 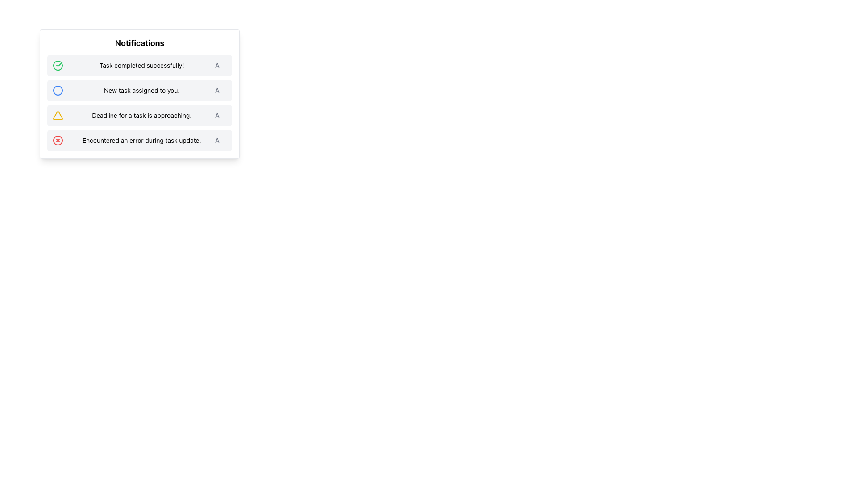 What do you see at coordinates (59, 63) in the screenshot?
I see `the success indicator icon located in the first notification entry titled 'Task completed successfully!' which is positioned inside a green-bordered circular area` at bounding box center [59, 63].